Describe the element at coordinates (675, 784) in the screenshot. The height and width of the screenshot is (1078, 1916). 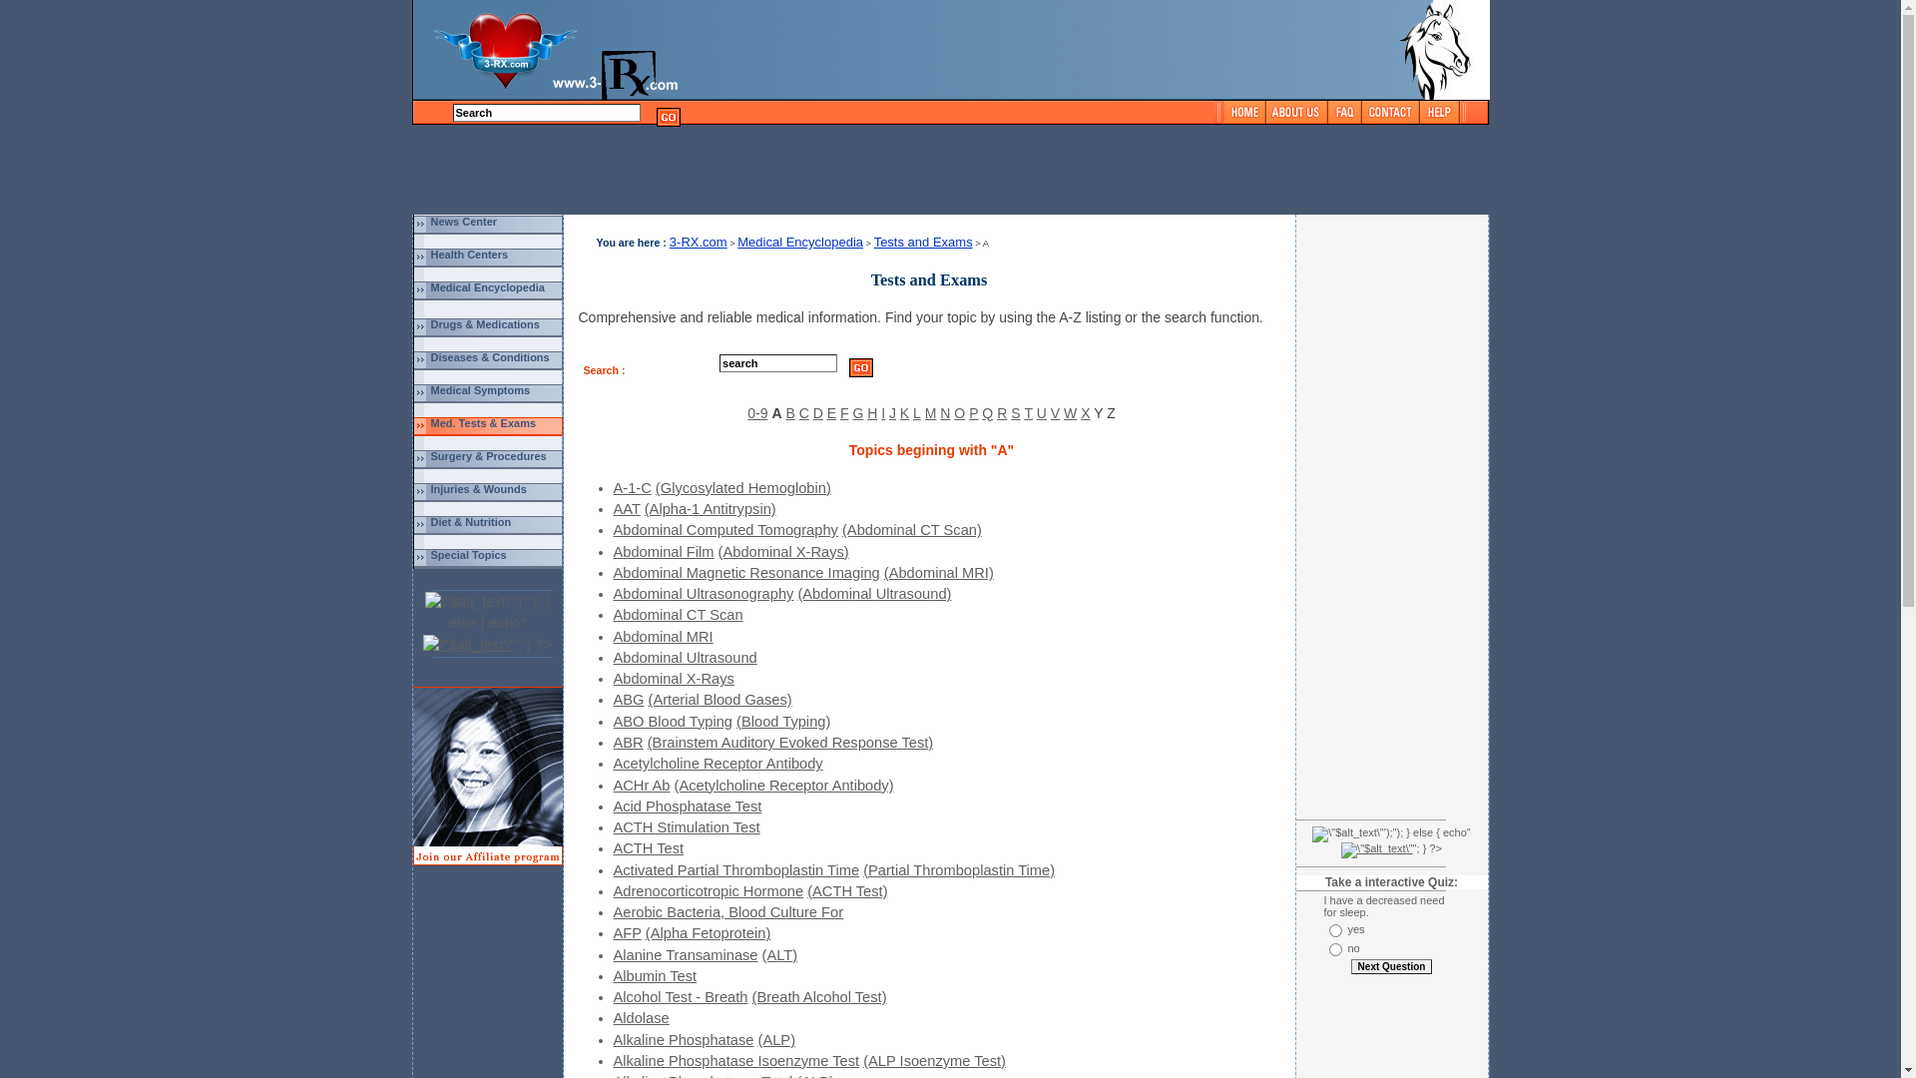
I see `'(Acetylcholine Receptor Antibody)'` at that location.